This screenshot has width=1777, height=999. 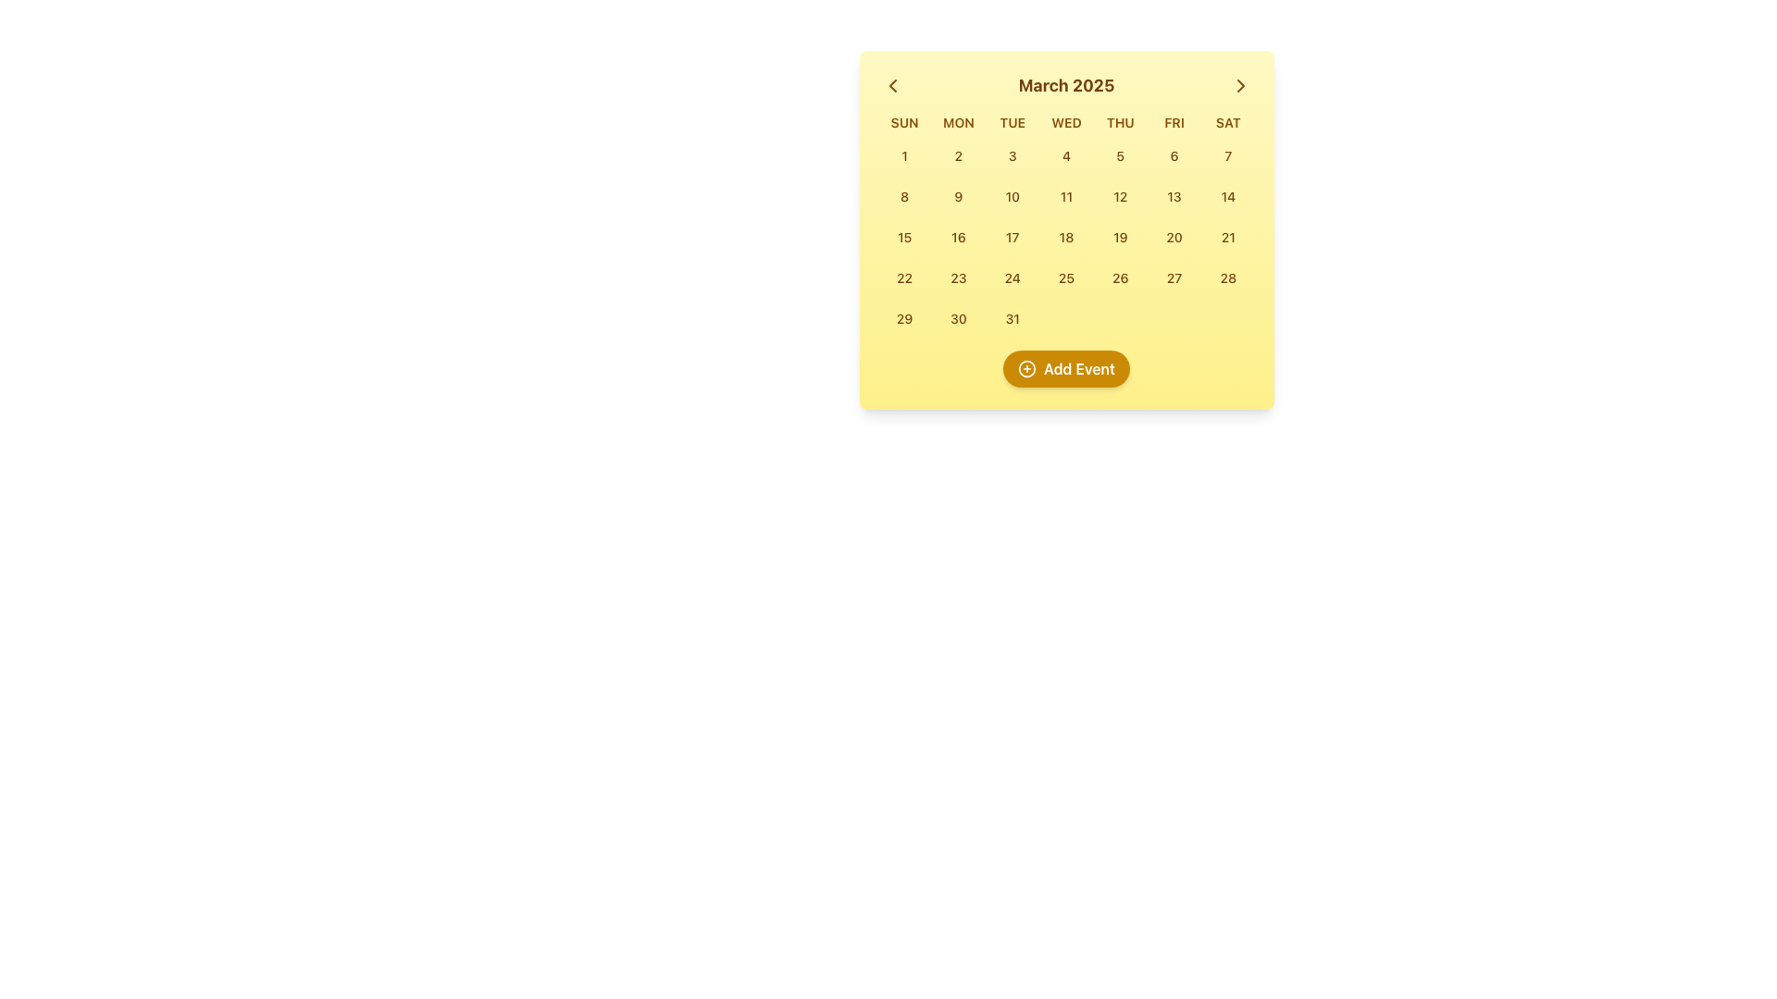 I want to click on the text label representing the date 25th in the March 2025 calendar, positioned under 'TUE' and between the dates 24 and 26, so click(x=1066, y=277).